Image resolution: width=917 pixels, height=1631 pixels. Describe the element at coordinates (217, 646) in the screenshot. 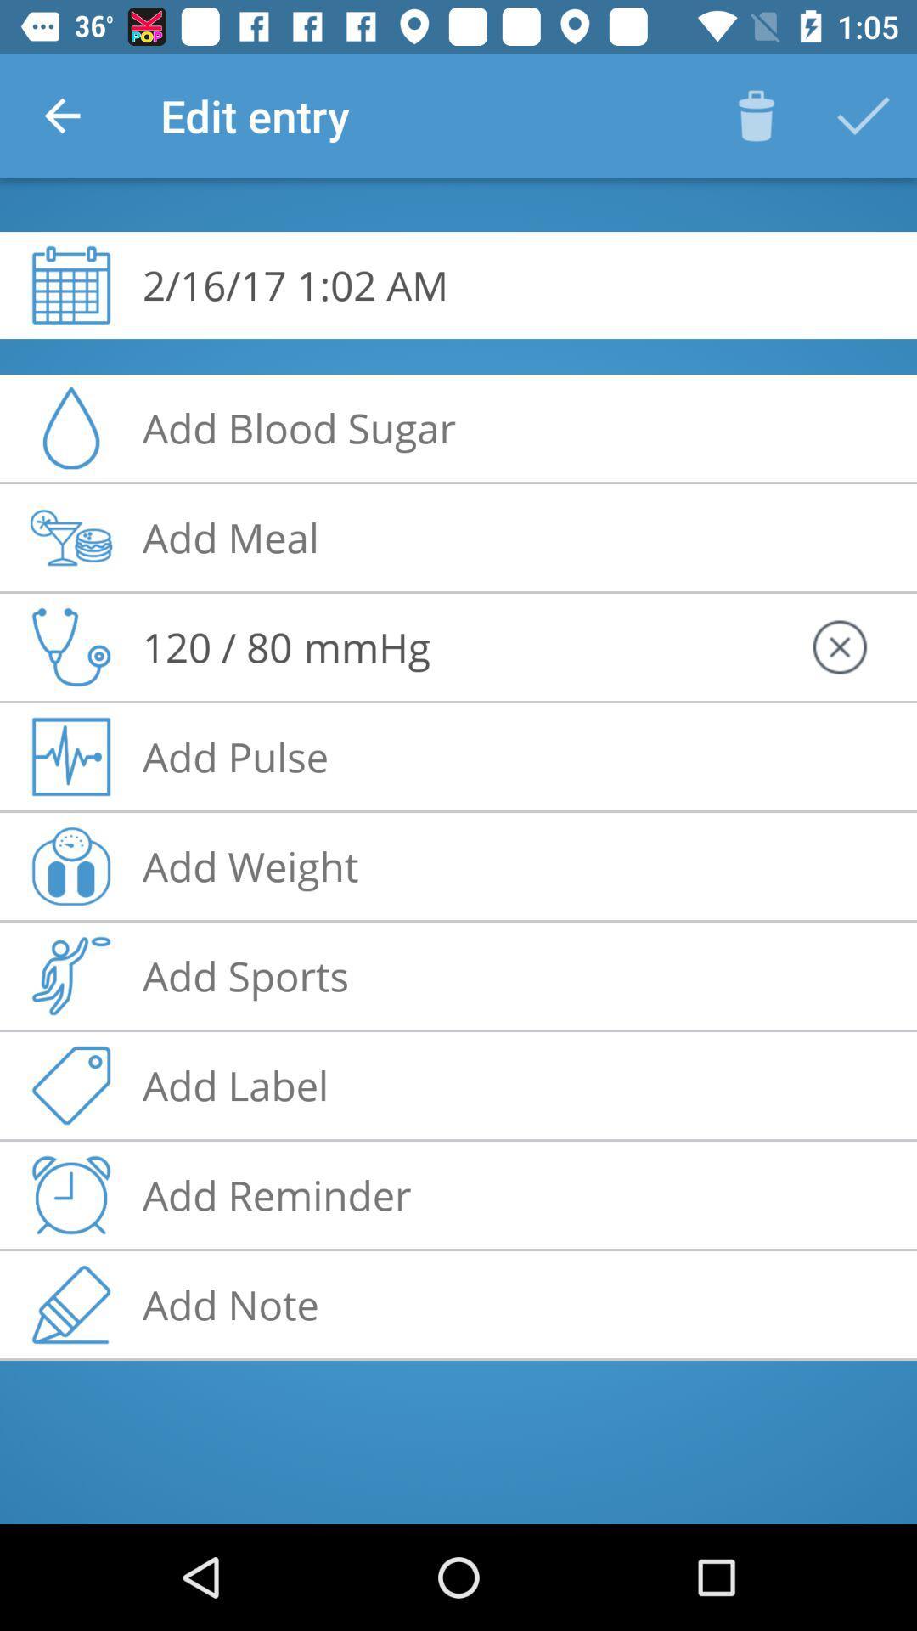

I see `the item next to the mmhg icon` at that location.